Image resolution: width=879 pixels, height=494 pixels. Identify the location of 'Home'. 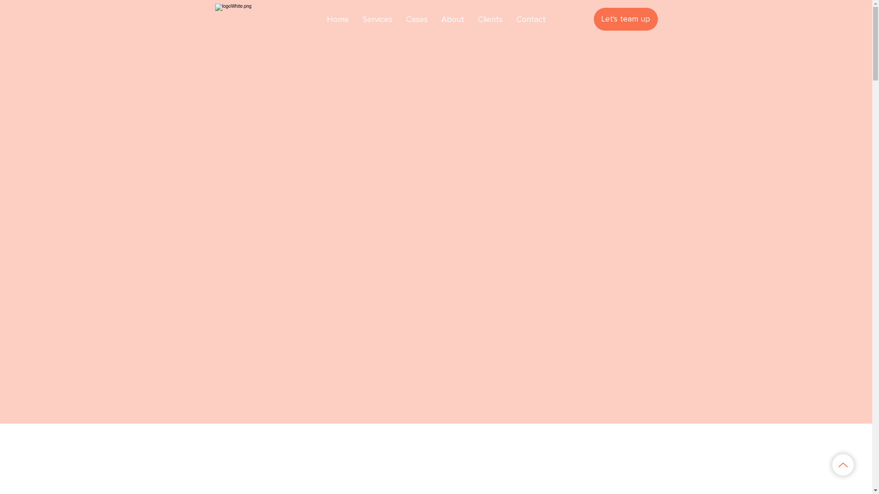
(337, 19).